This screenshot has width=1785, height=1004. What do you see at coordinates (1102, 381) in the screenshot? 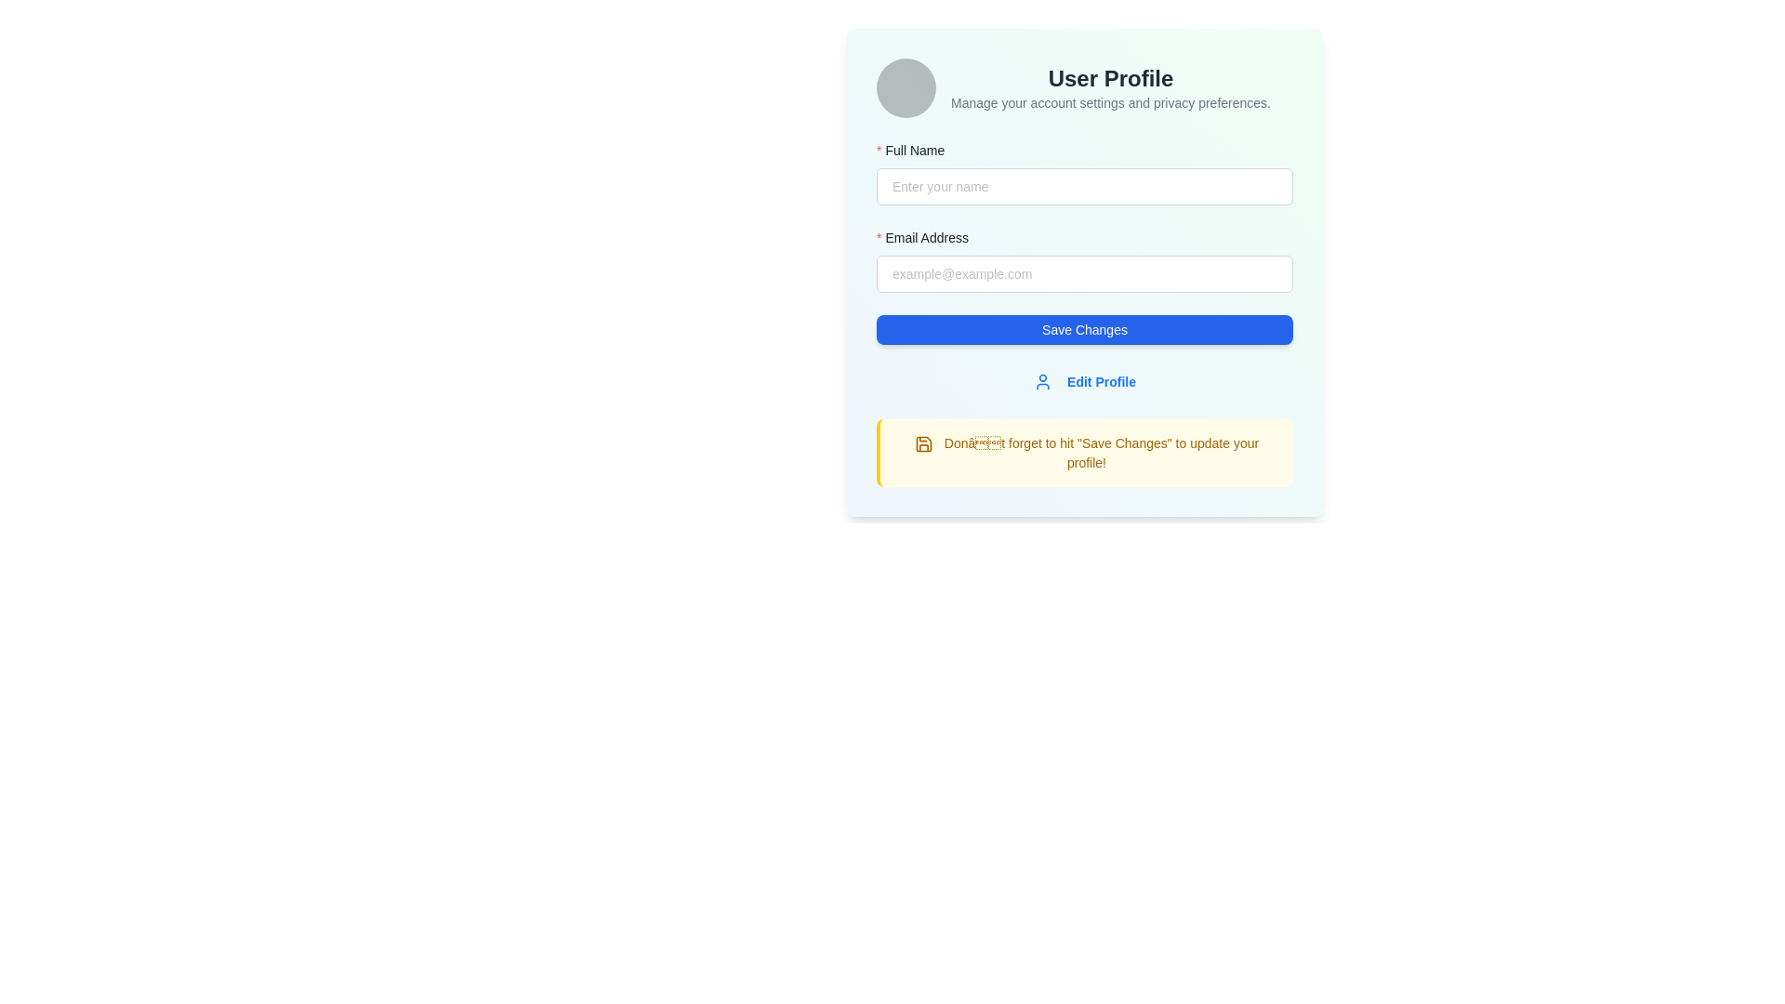
I see `the 'Edit Profile' text label, which is displayed in bold blue font and is located below the 'Save Changes' button, next to a user silhouette icon` at bounding box center [1102, 381].